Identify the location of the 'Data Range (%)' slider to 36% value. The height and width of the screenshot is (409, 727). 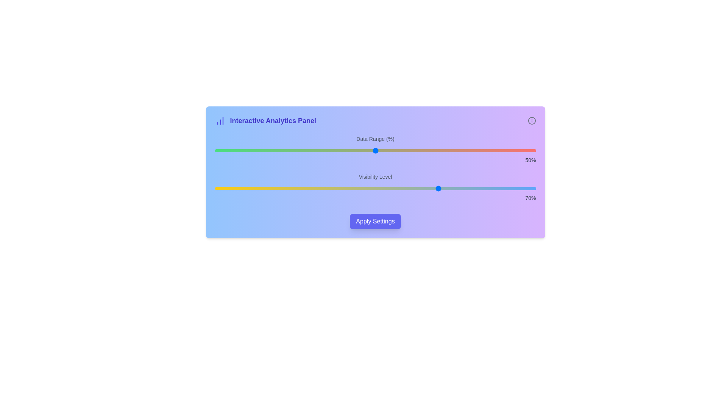
(330, 150).